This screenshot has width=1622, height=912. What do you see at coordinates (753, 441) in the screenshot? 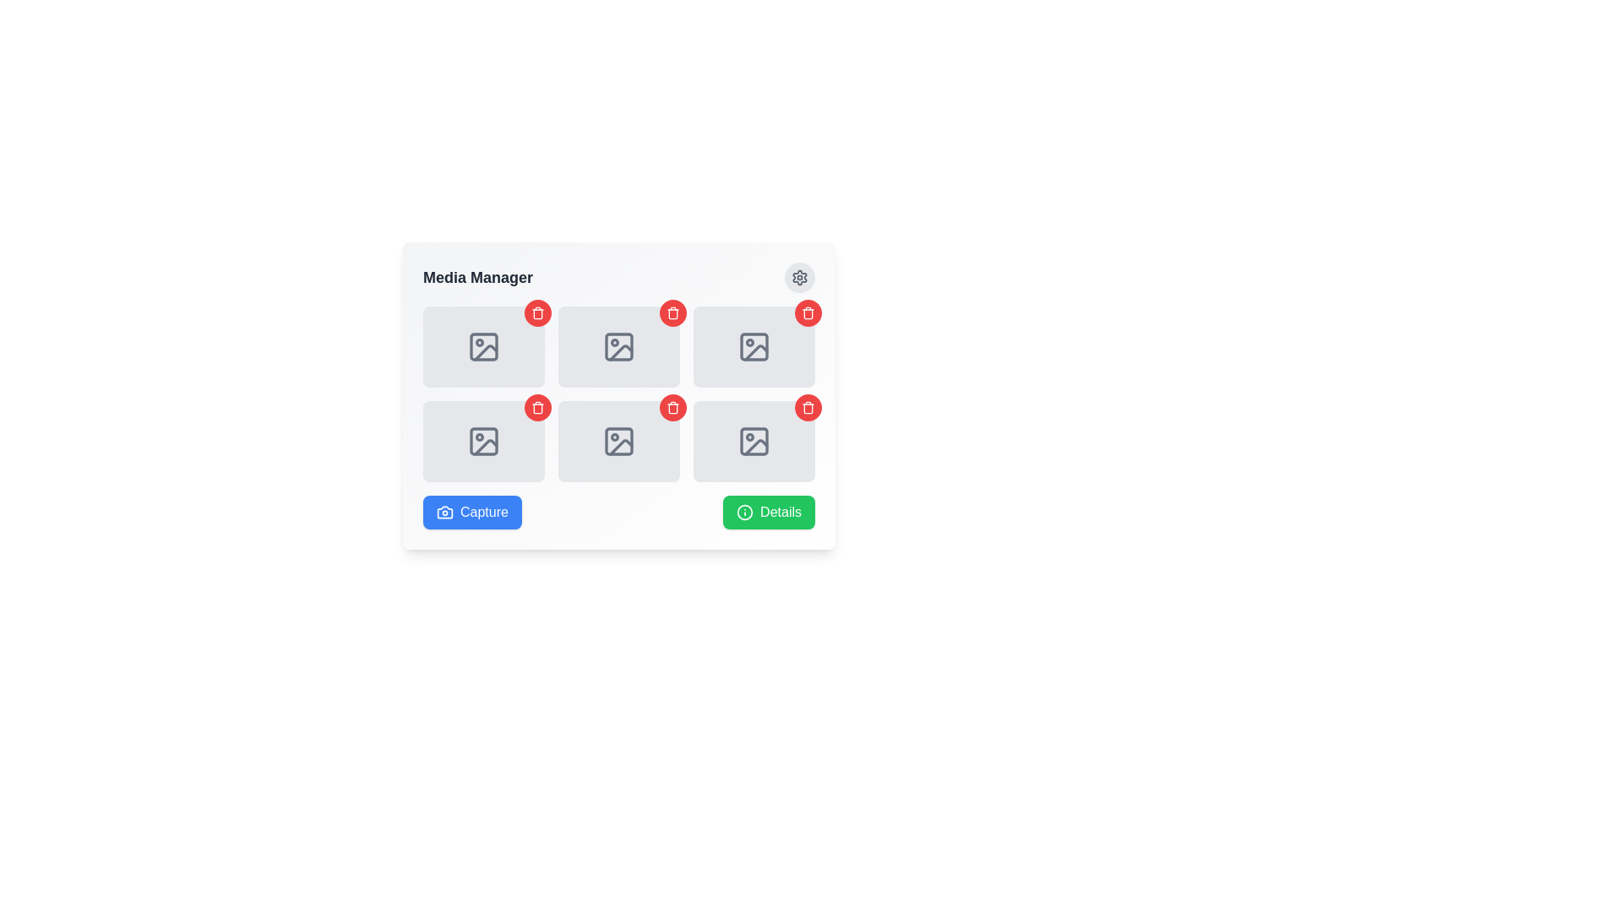
I see `the decorative element located in the bottom-right cell of the 3x2 grid of image icons in the Media Manager interface` at bounding box center [753, 441].